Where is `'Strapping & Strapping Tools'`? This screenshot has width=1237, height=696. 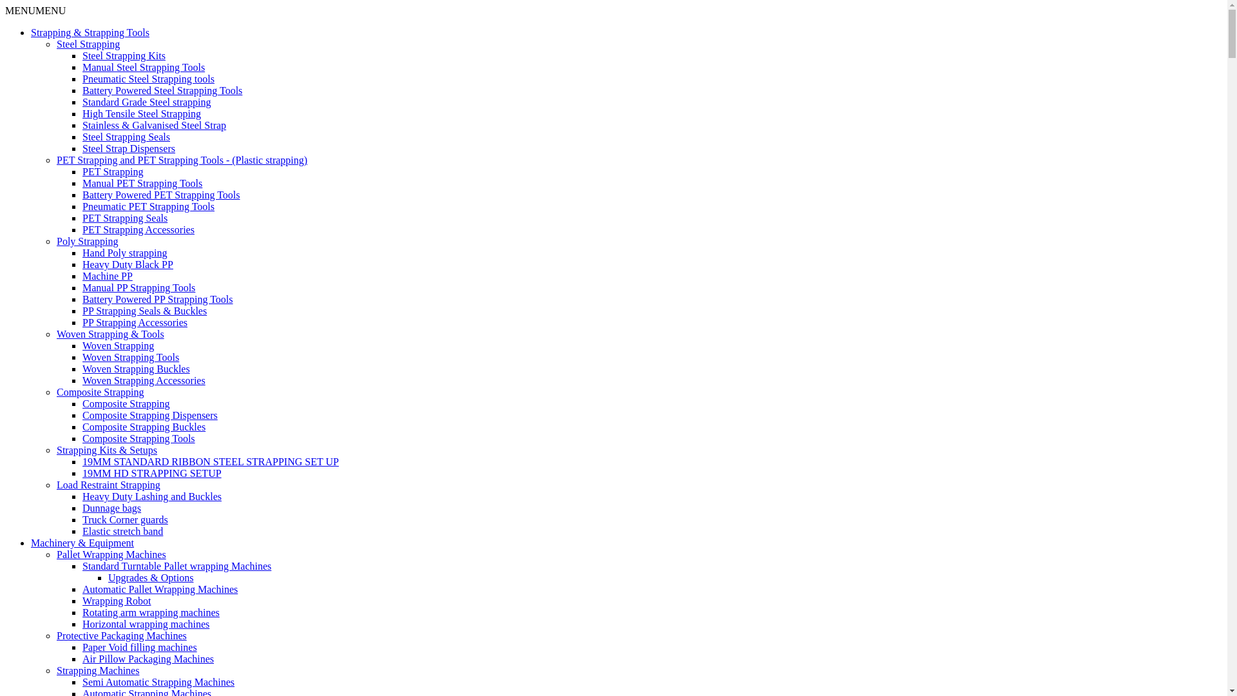
'Strapping & Strapping Tools' is located at coordinates (89, 32).